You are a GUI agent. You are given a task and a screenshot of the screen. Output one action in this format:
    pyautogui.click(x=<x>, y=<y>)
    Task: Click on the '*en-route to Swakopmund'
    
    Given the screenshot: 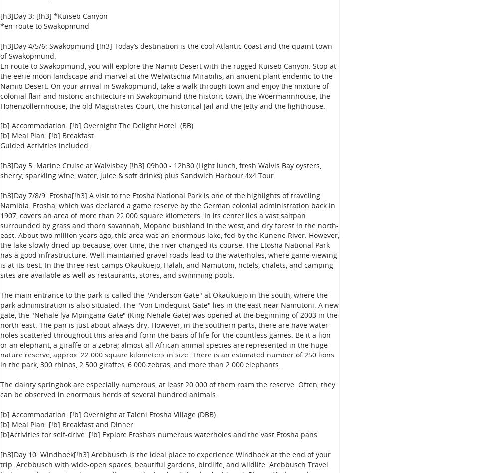 What is the action you would take?
    pyautogui.click(x=44, y=26)
    